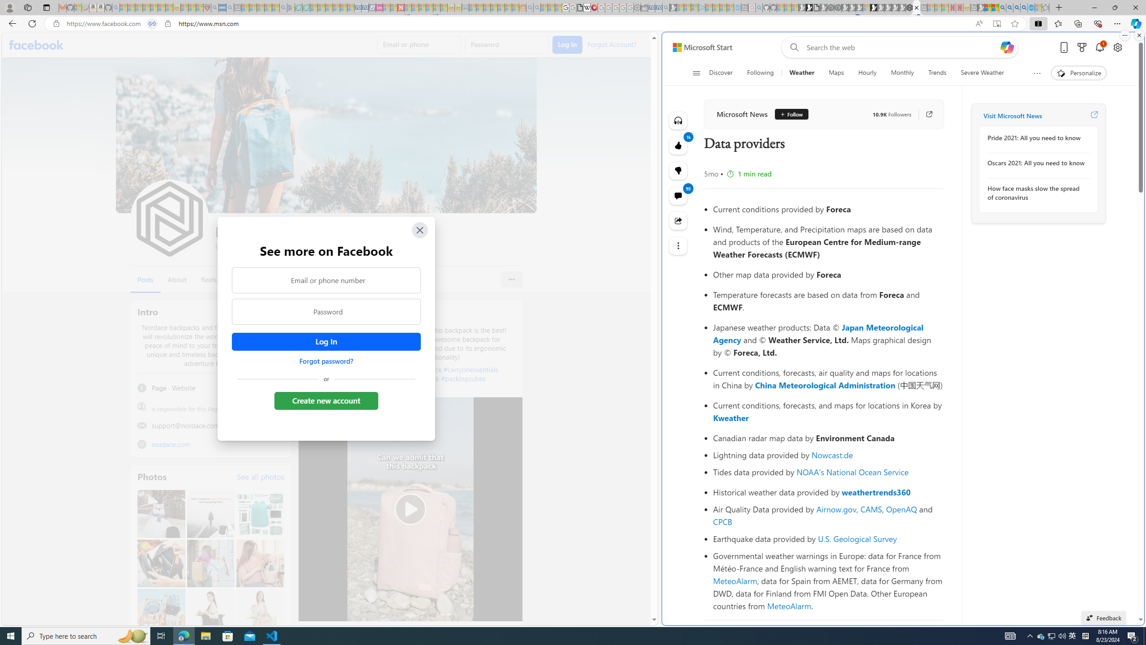 The height and width of the screenshot is (645, 1146). Describe the element at coordinates (982, 73) in the screenshot. I see `'Severe Weather'` at that location.